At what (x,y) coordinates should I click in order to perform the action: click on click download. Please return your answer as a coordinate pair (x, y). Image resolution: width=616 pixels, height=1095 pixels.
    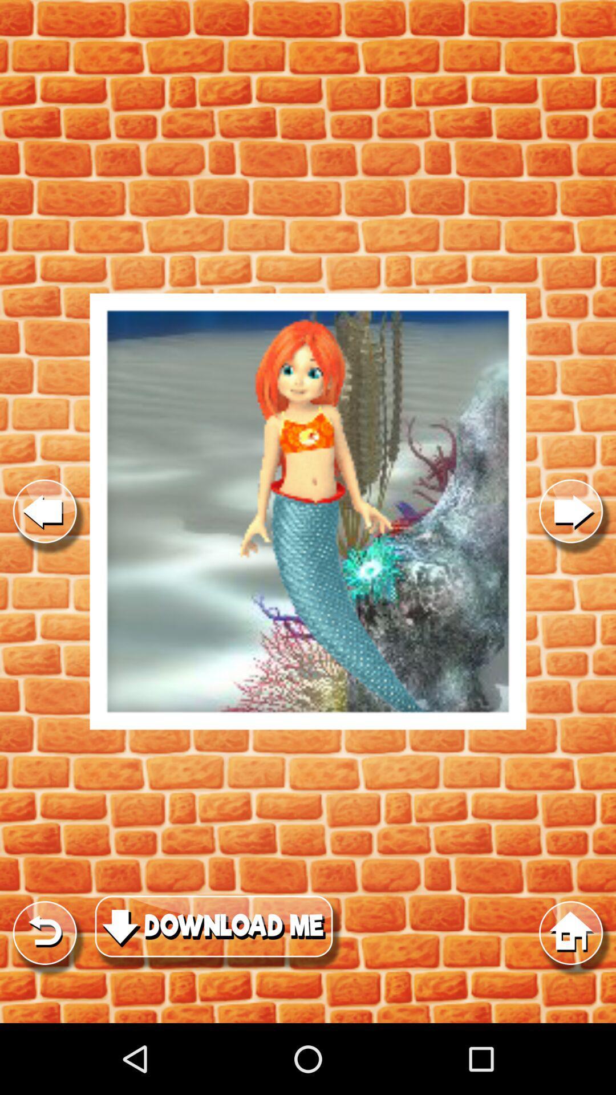
    Looking at the image, I should click on (219, 933).